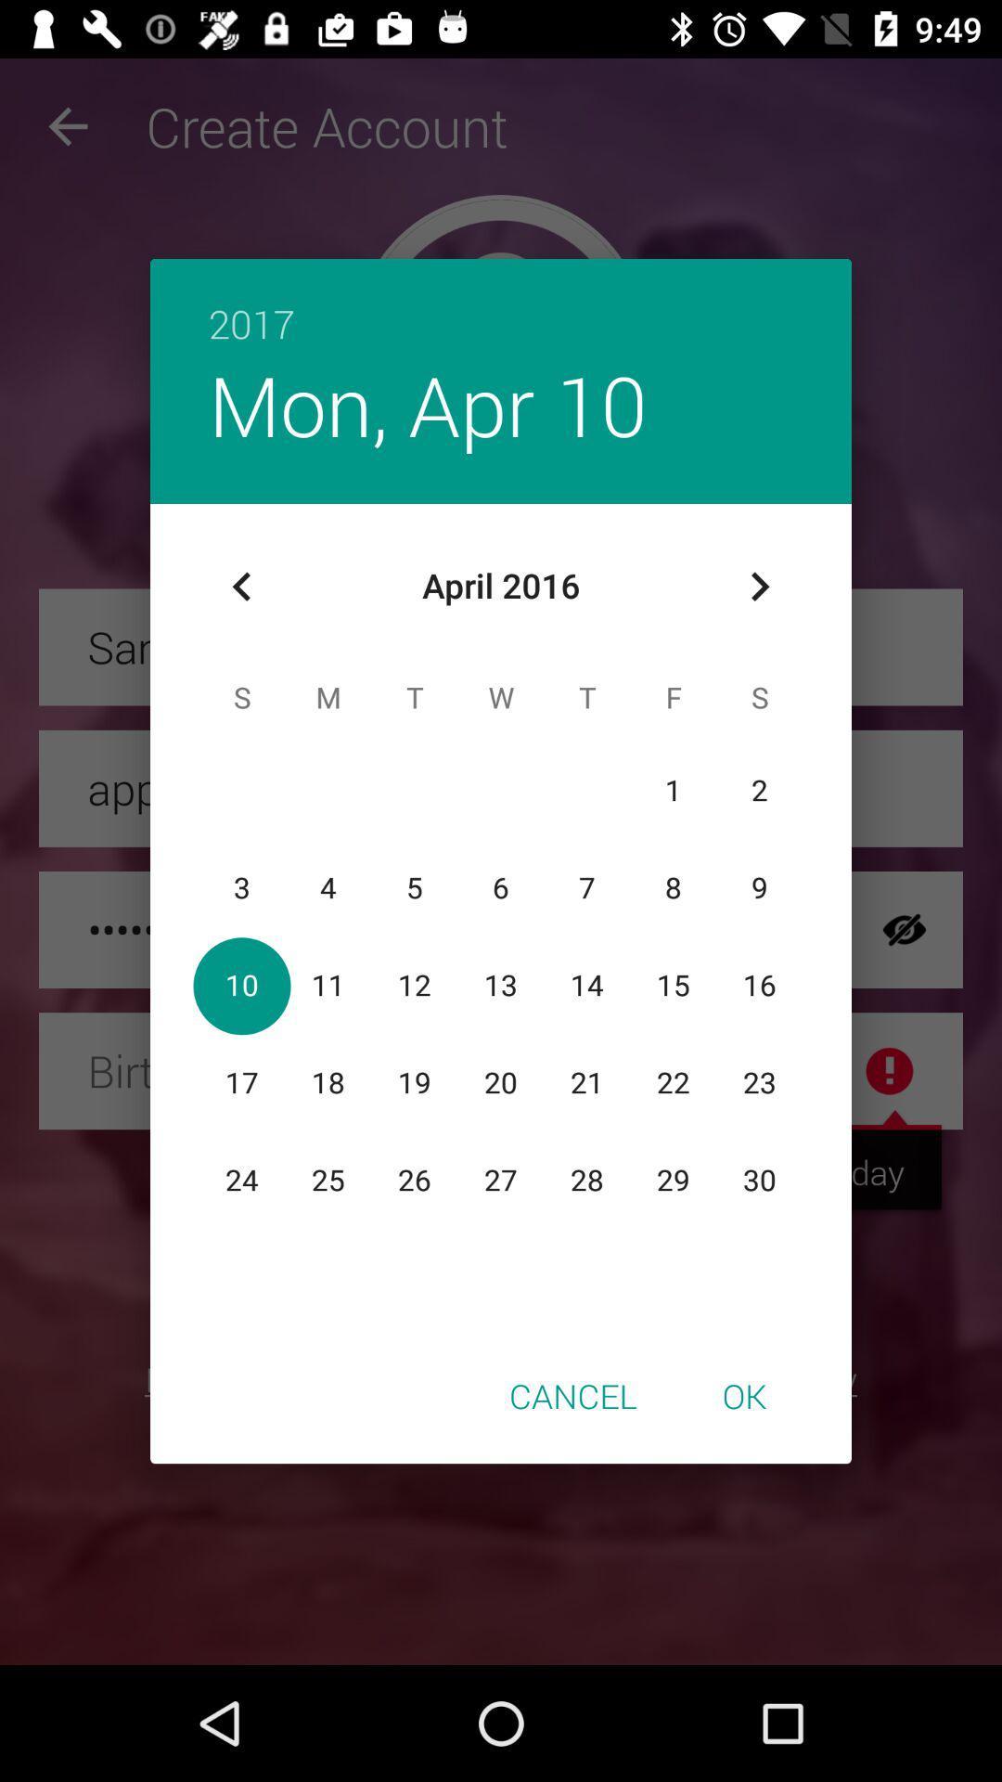 This screenshot has height=1782, width=1002. What do you see at coordinates (428, 404) in the screenshot?
I see `mon, apr 10 icon` at bounding box center [428, 404].